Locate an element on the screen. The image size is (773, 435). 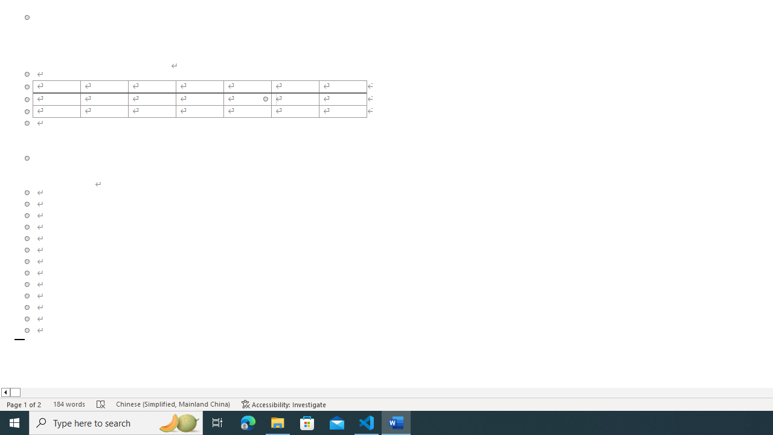
'Word Count 184 words' is located at coordinates (68, 404).